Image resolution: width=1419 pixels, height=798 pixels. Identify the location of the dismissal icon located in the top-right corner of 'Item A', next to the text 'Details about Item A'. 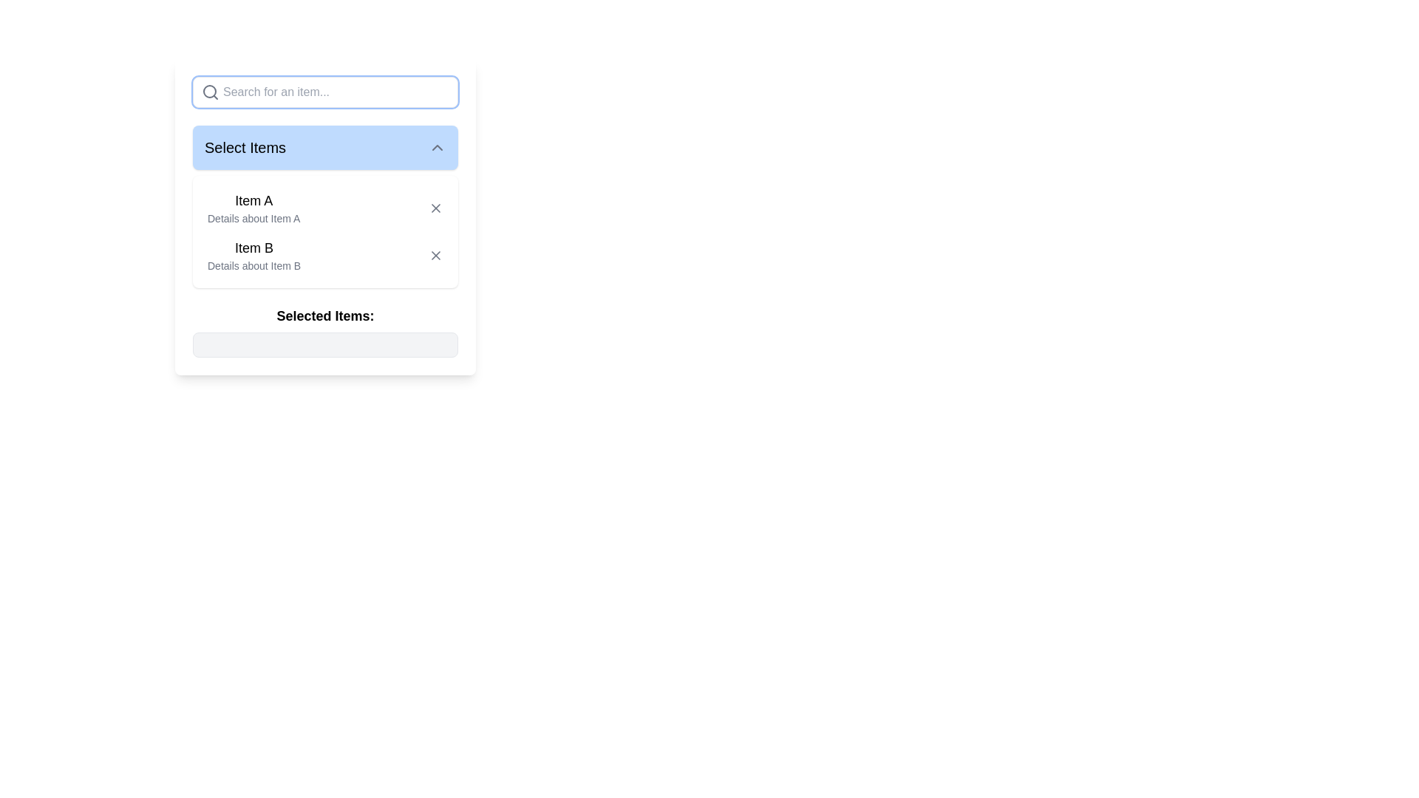
(435, 208).